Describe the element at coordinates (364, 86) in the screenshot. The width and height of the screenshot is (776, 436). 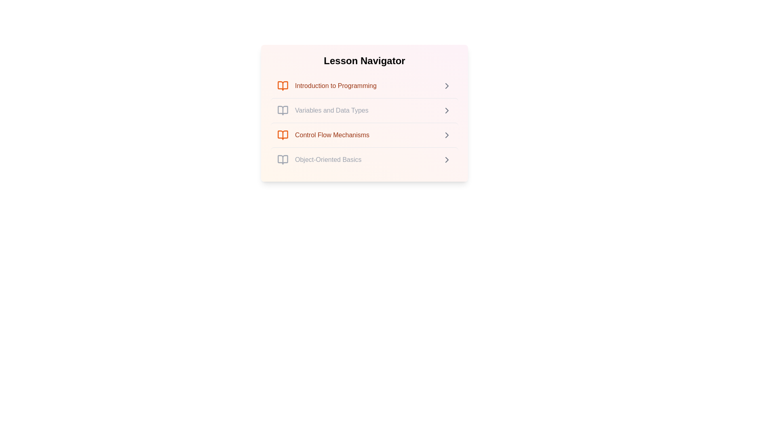
I see `the lesson item corresponding to Introduction to Programming` at that location.